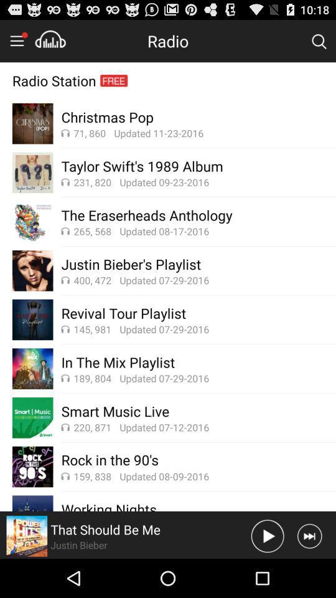 This screenshot has height=598, width=336. What do you see at coordinates (267, 574) in the screenshot?
I see `the play icon` at bounding box center [267, 574].